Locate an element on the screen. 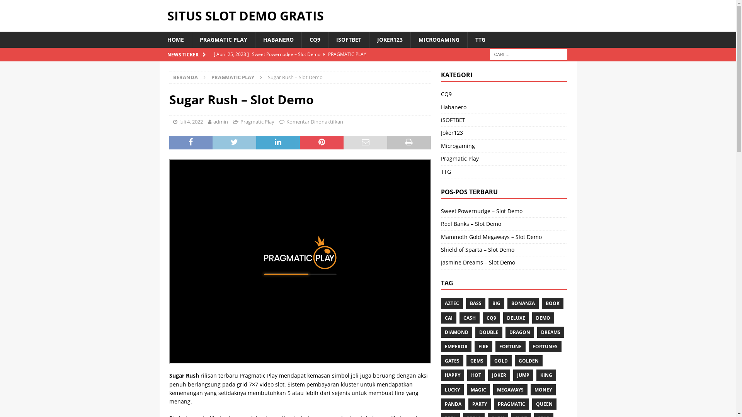 The image size is (742, 417). 'HOT' is located at coordinates (476, 375).